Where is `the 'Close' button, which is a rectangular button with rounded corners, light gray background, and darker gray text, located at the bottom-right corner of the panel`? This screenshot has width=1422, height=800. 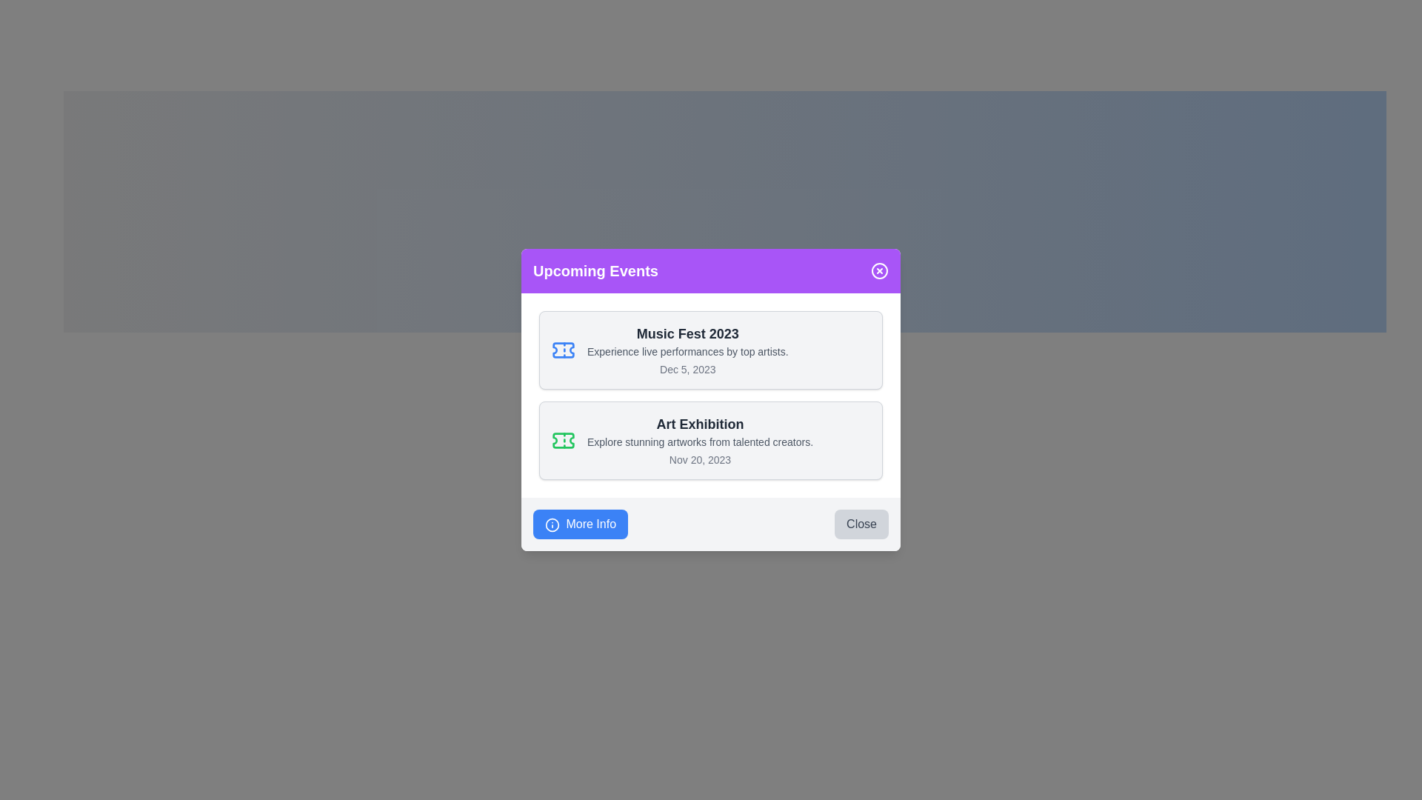 the 'Close' button, which is a rectangular button with rounded corners, light gray background, and darker gray text, located at the bottom-right corner of the panel is located at coordinates (861, 524).